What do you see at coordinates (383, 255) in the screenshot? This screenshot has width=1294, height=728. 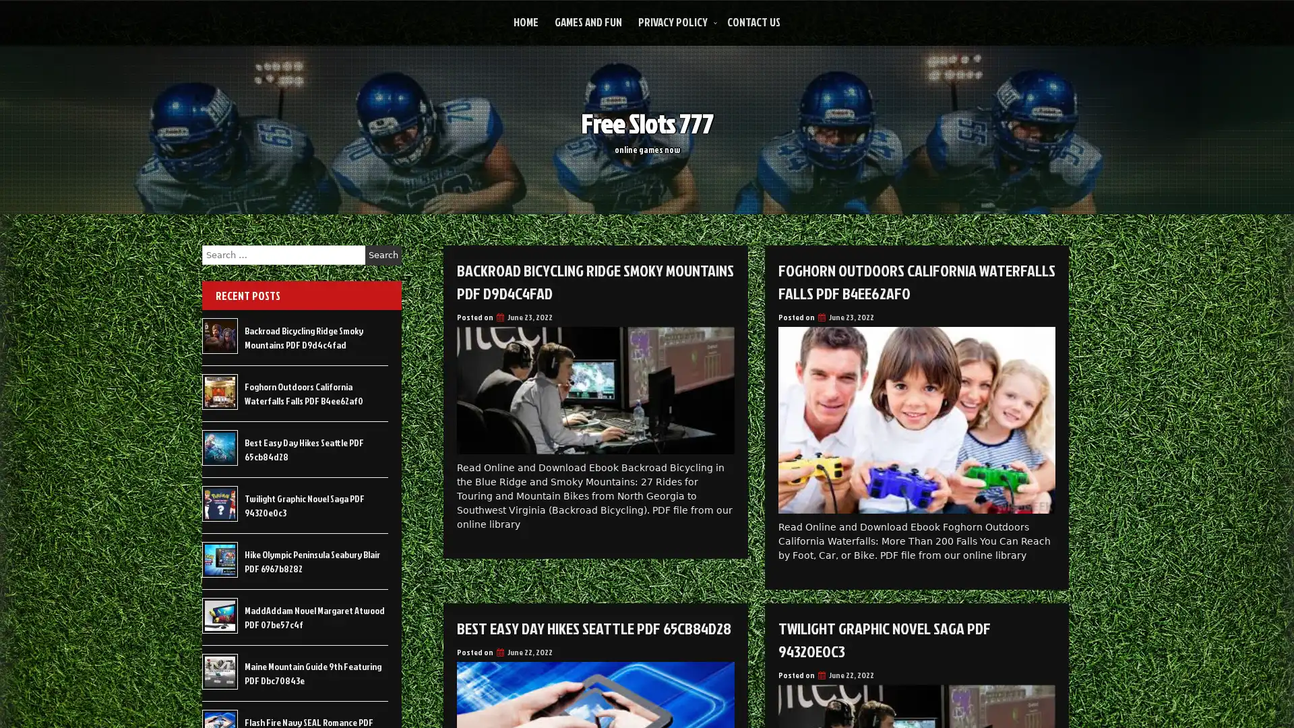 I see `Search` at bounding box center [383, 255].